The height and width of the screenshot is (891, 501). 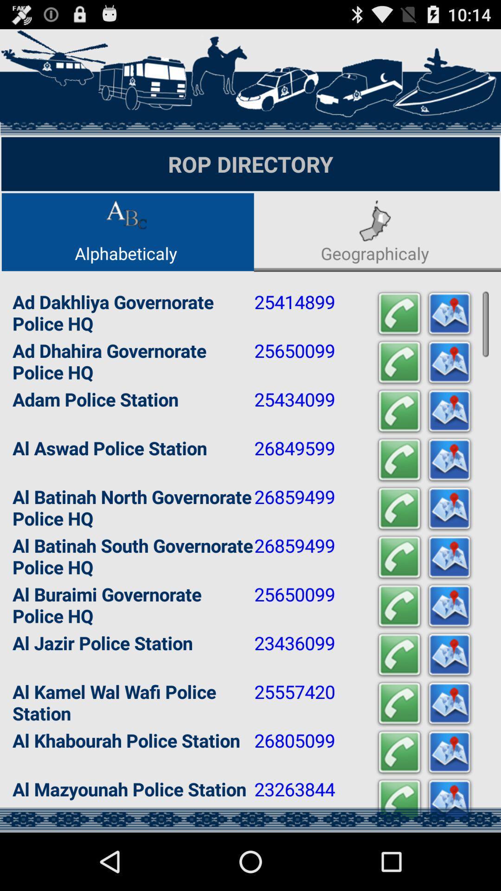 What do you see at coordinates (398, 460) in the screenshot?
I see `call this number` at bounding box center [398, 460].